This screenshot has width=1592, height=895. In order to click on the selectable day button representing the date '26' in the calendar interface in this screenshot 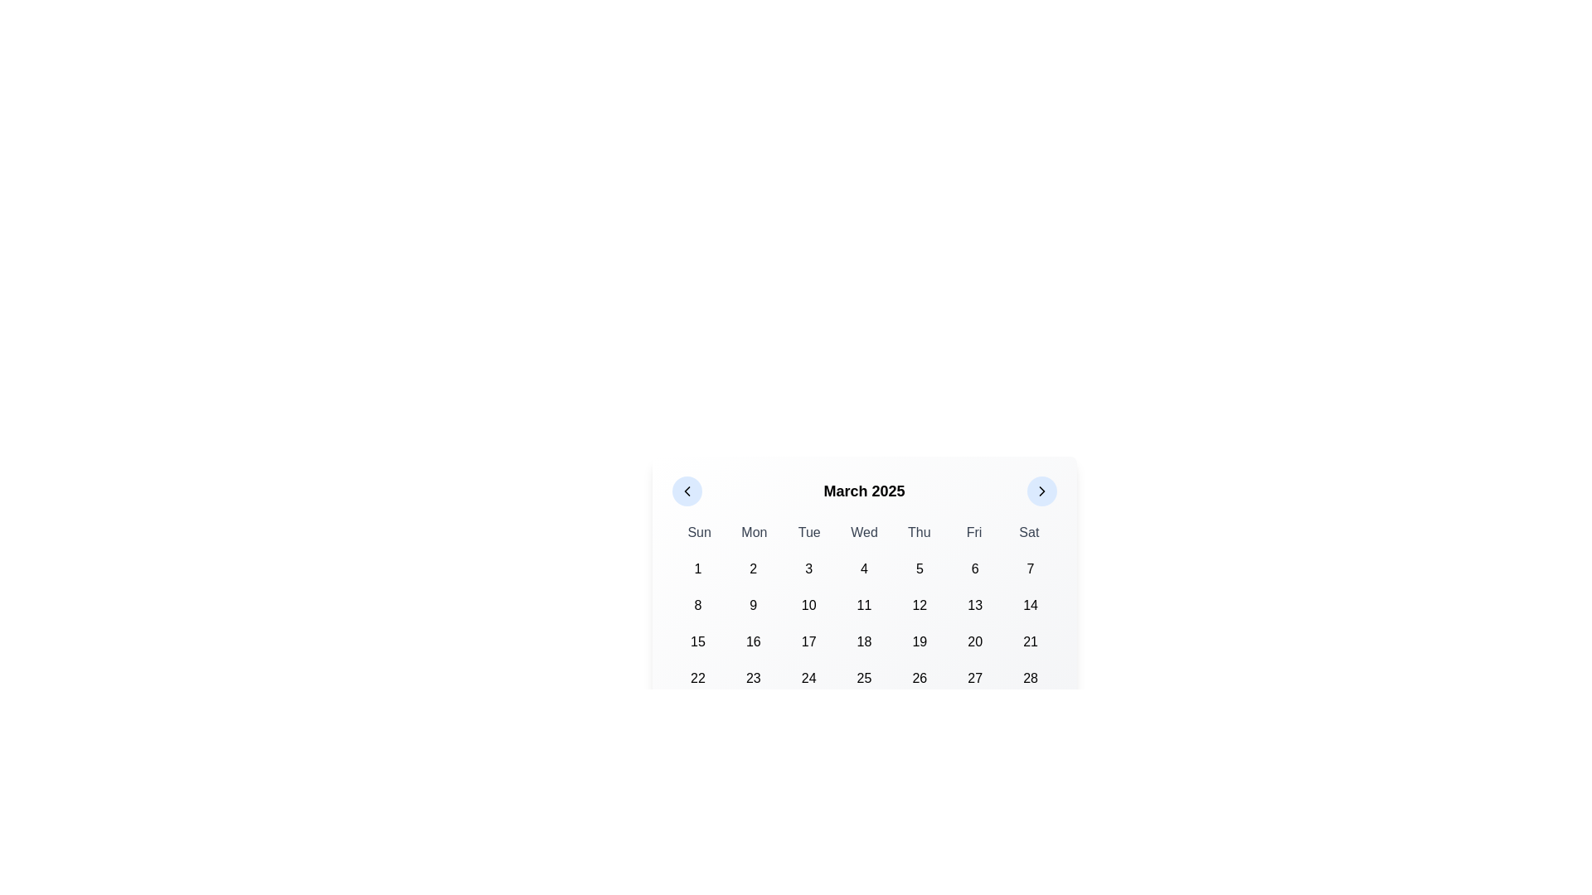, I will do `click(918, 678)`.